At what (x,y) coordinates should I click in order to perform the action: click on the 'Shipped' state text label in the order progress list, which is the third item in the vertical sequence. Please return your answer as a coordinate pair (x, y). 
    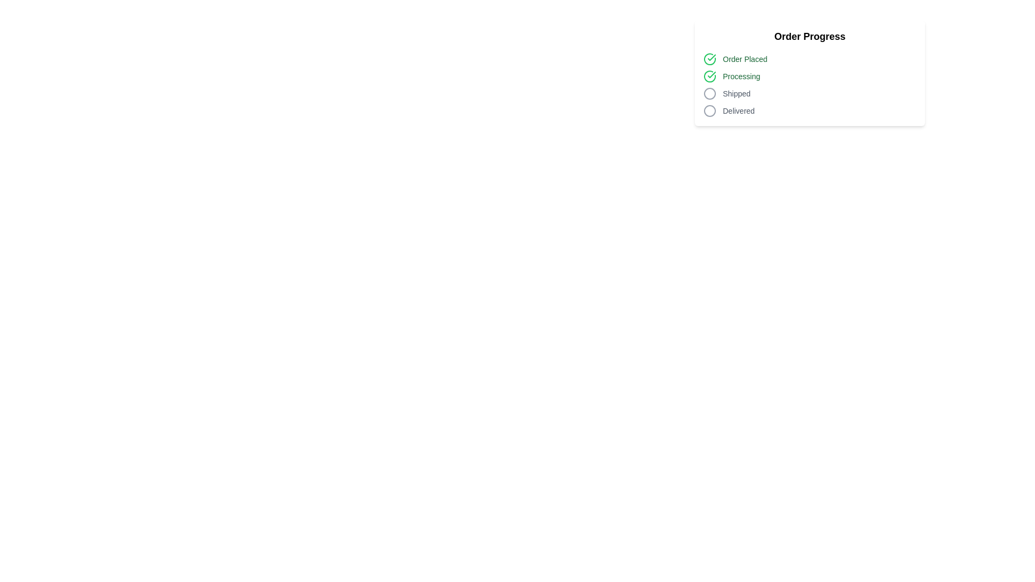
    Looking at the image, I should click on (736, 93).